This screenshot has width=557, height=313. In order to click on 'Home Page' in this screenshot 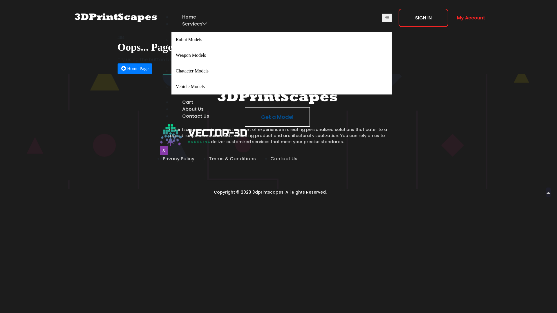, I will do `click(135, 68)`.